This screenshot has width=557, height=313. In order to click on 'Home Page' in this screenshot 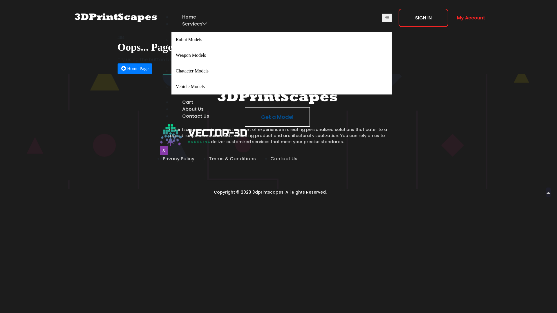, I will do `click(135, 68)`.